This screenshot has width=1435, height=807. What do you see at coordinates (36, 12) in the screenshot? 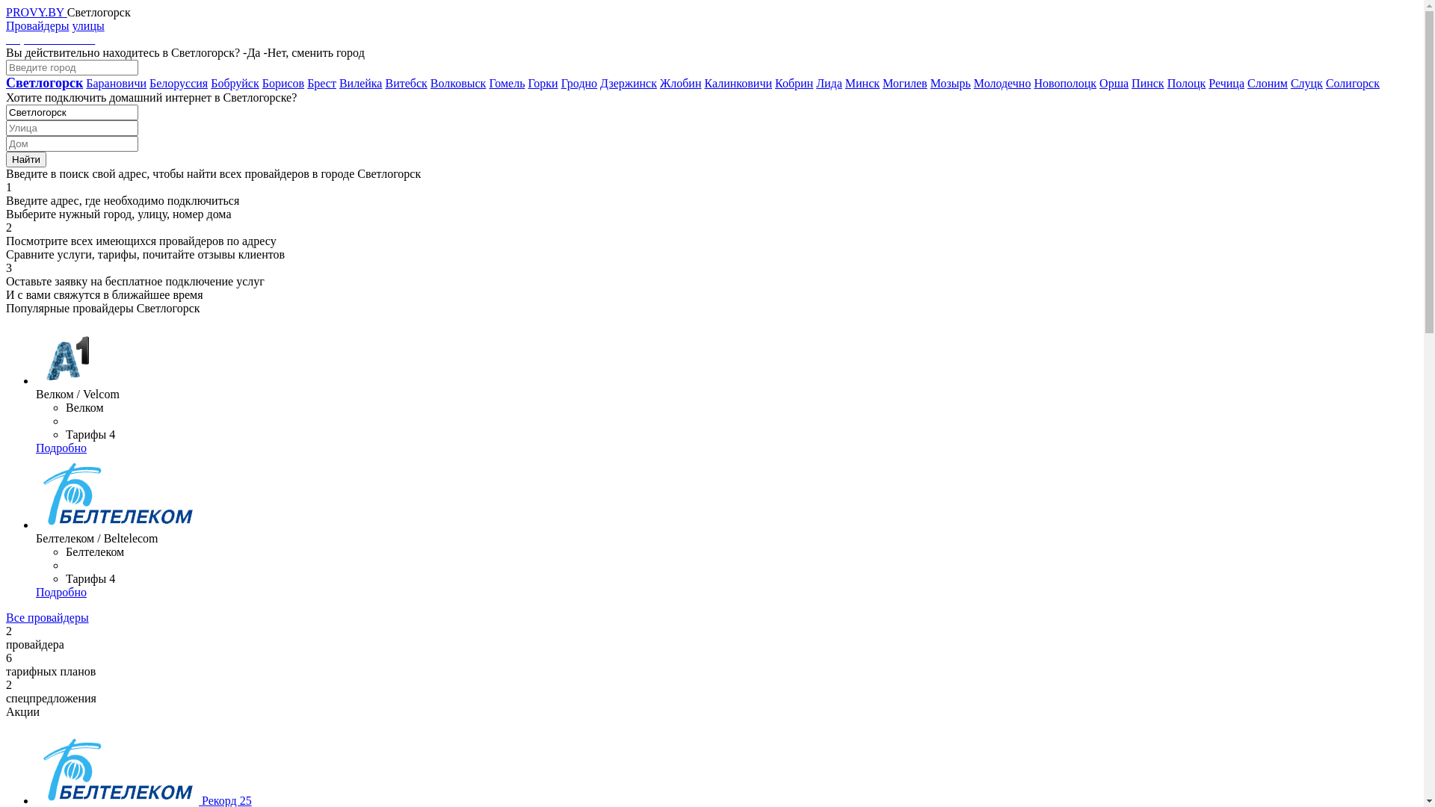
I see `'PROVY.BY'` at bounding box center [36, 12].